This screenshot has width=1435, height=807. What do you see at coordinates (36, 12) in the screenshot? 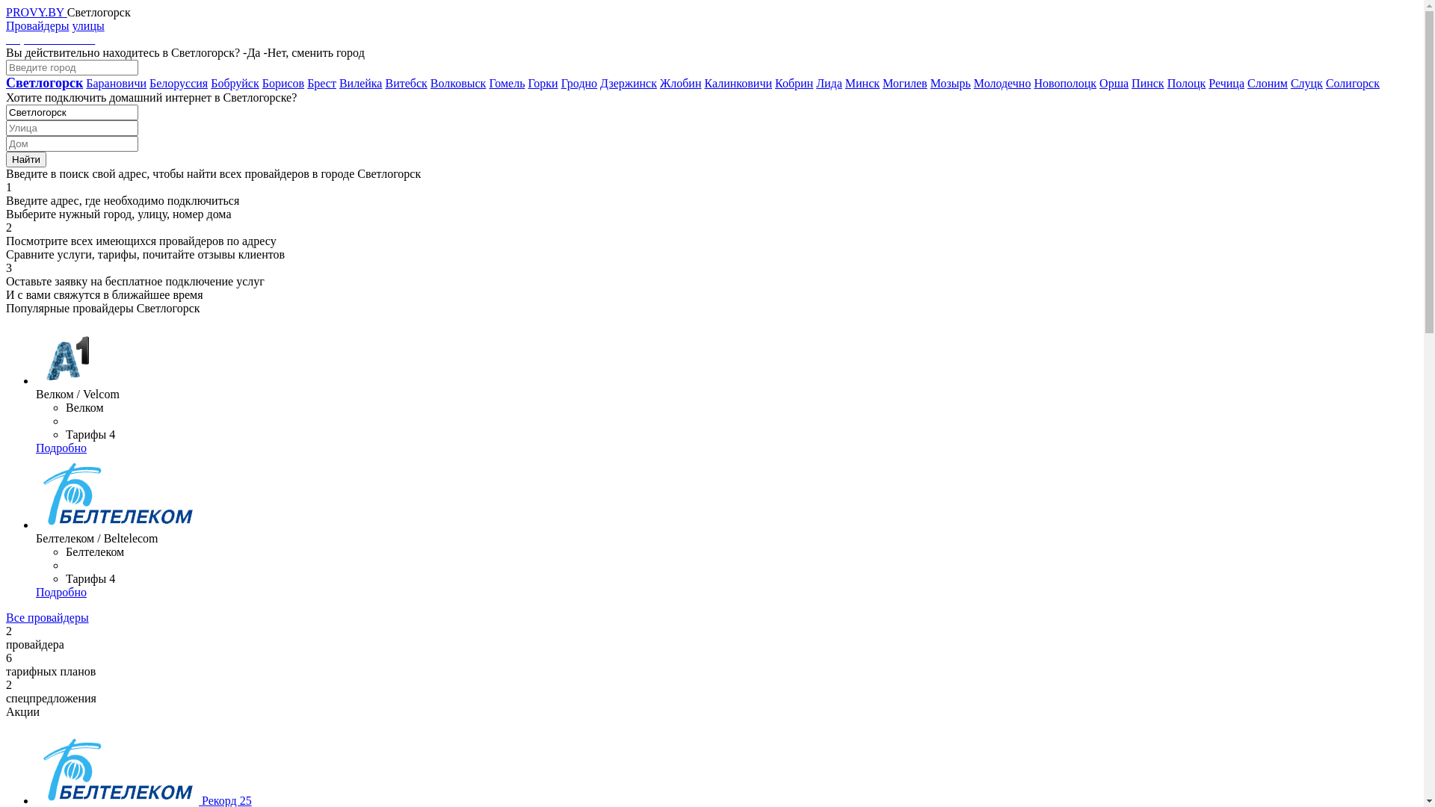
I see `'PROVY.BY'` at bounding box center [36, 12].